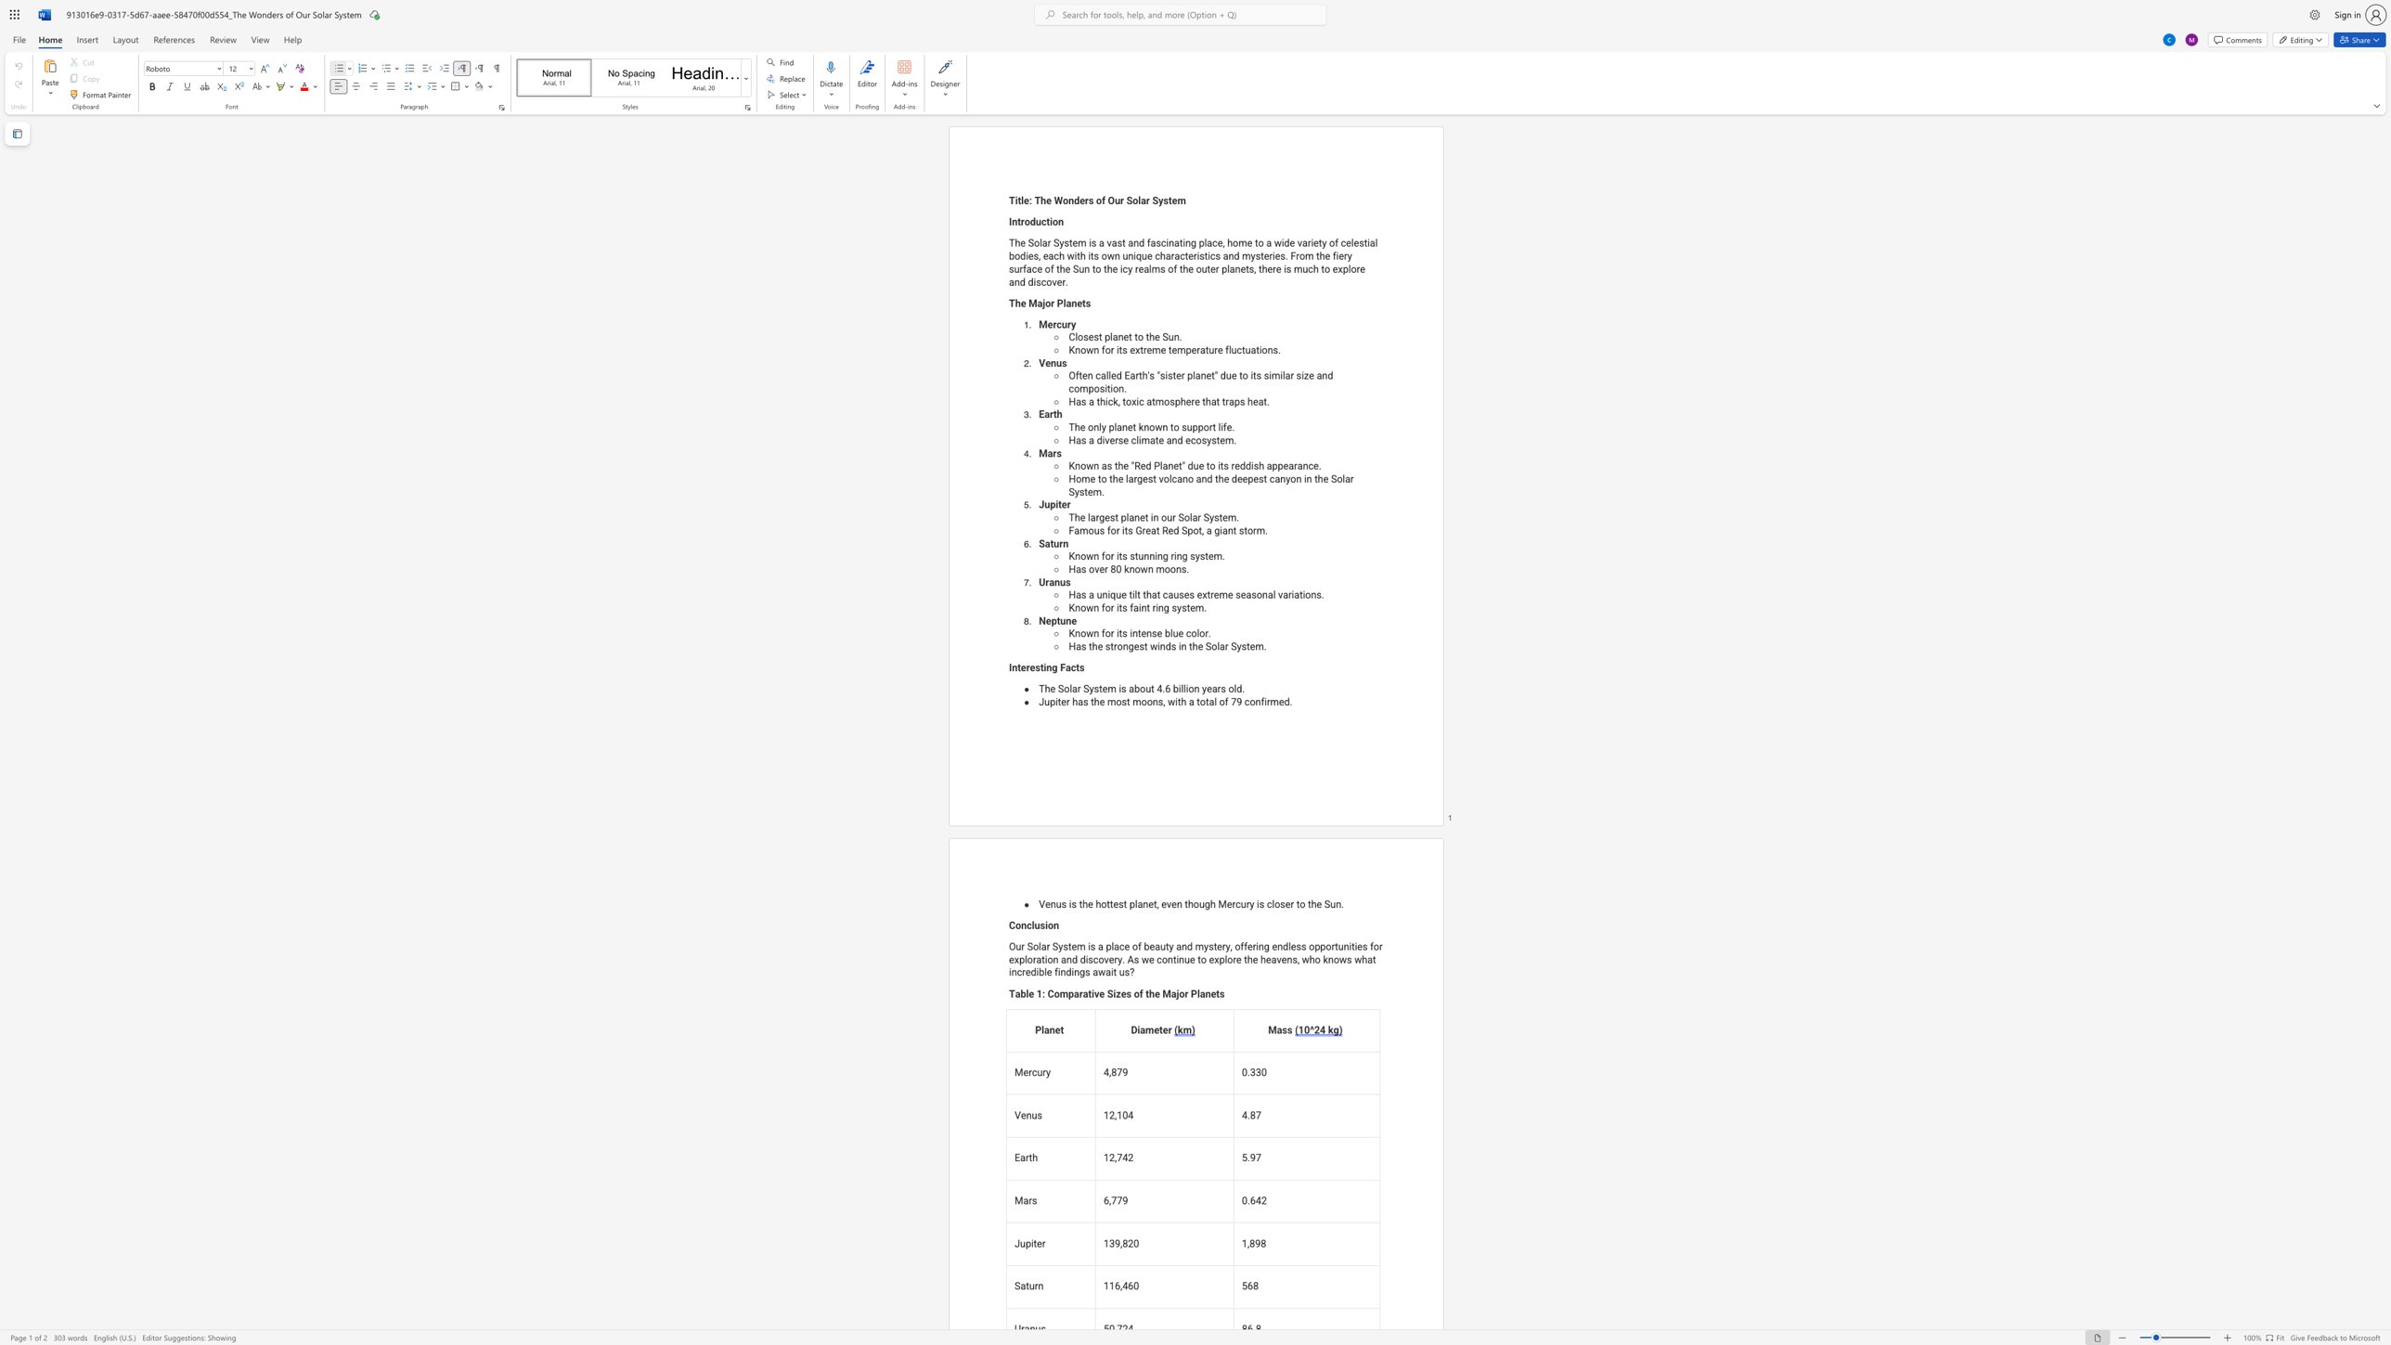 The height and width of the screenshot is (1345, 2391). Describe the element at coordinates (1192, 401) in the screenshot. I see `the 1th character "r" in the text` at that location.